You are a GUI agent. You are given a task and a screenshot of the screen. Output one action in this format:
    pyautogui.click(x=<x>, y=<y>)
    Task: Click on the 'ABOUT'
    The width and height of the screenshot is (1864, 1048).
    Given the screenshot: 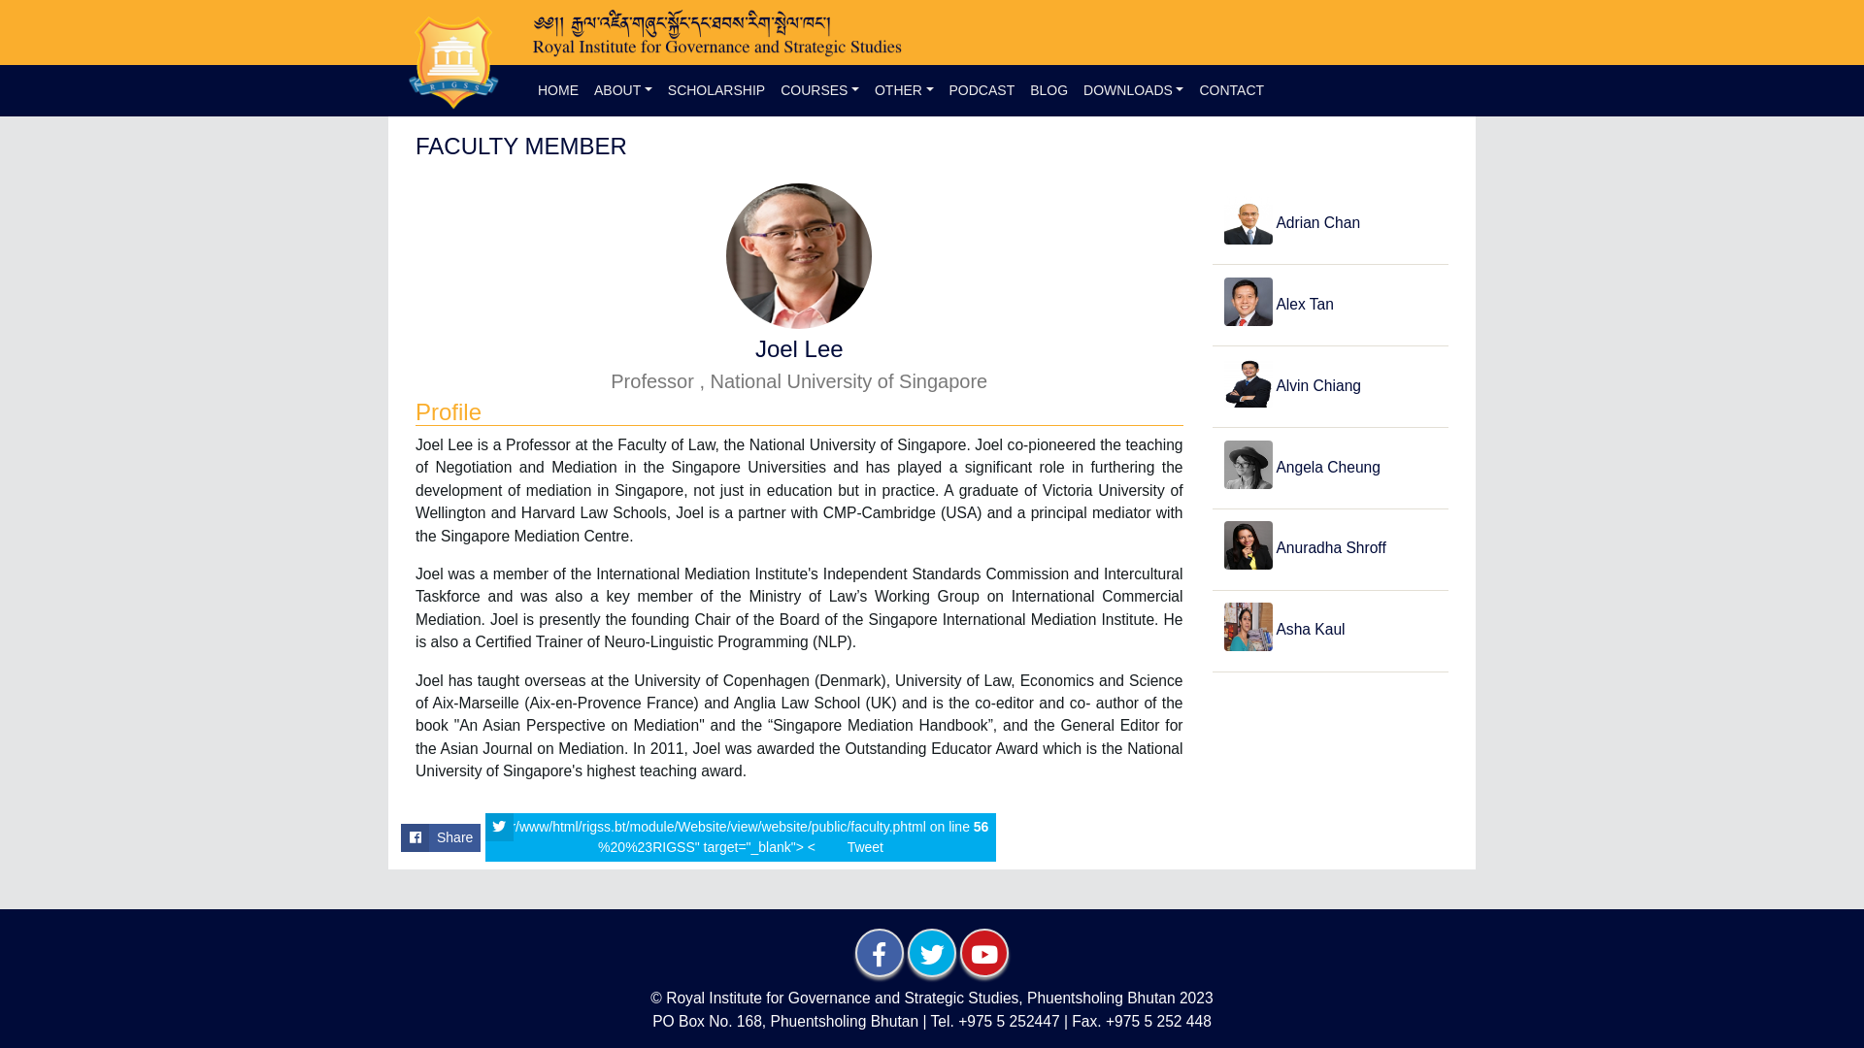 What is the action you would take?
    pyautogui.click(x=623, y=90)
    